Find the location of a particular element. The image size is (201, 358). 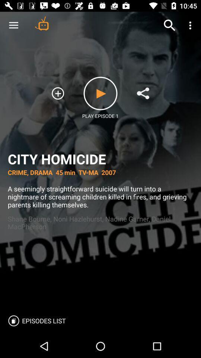

the add icon is located at coordinates (57, 93).